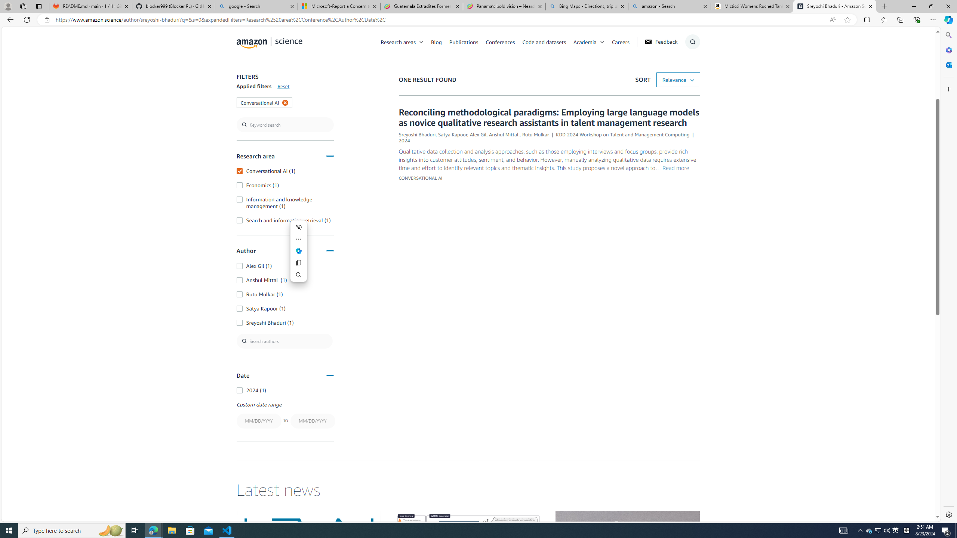 The height and width of the screenshot is (538, 957). What do you see at coordinates (620, 41) in the screenshot?
I see `'Careers'` at bounding box center [620, 41].